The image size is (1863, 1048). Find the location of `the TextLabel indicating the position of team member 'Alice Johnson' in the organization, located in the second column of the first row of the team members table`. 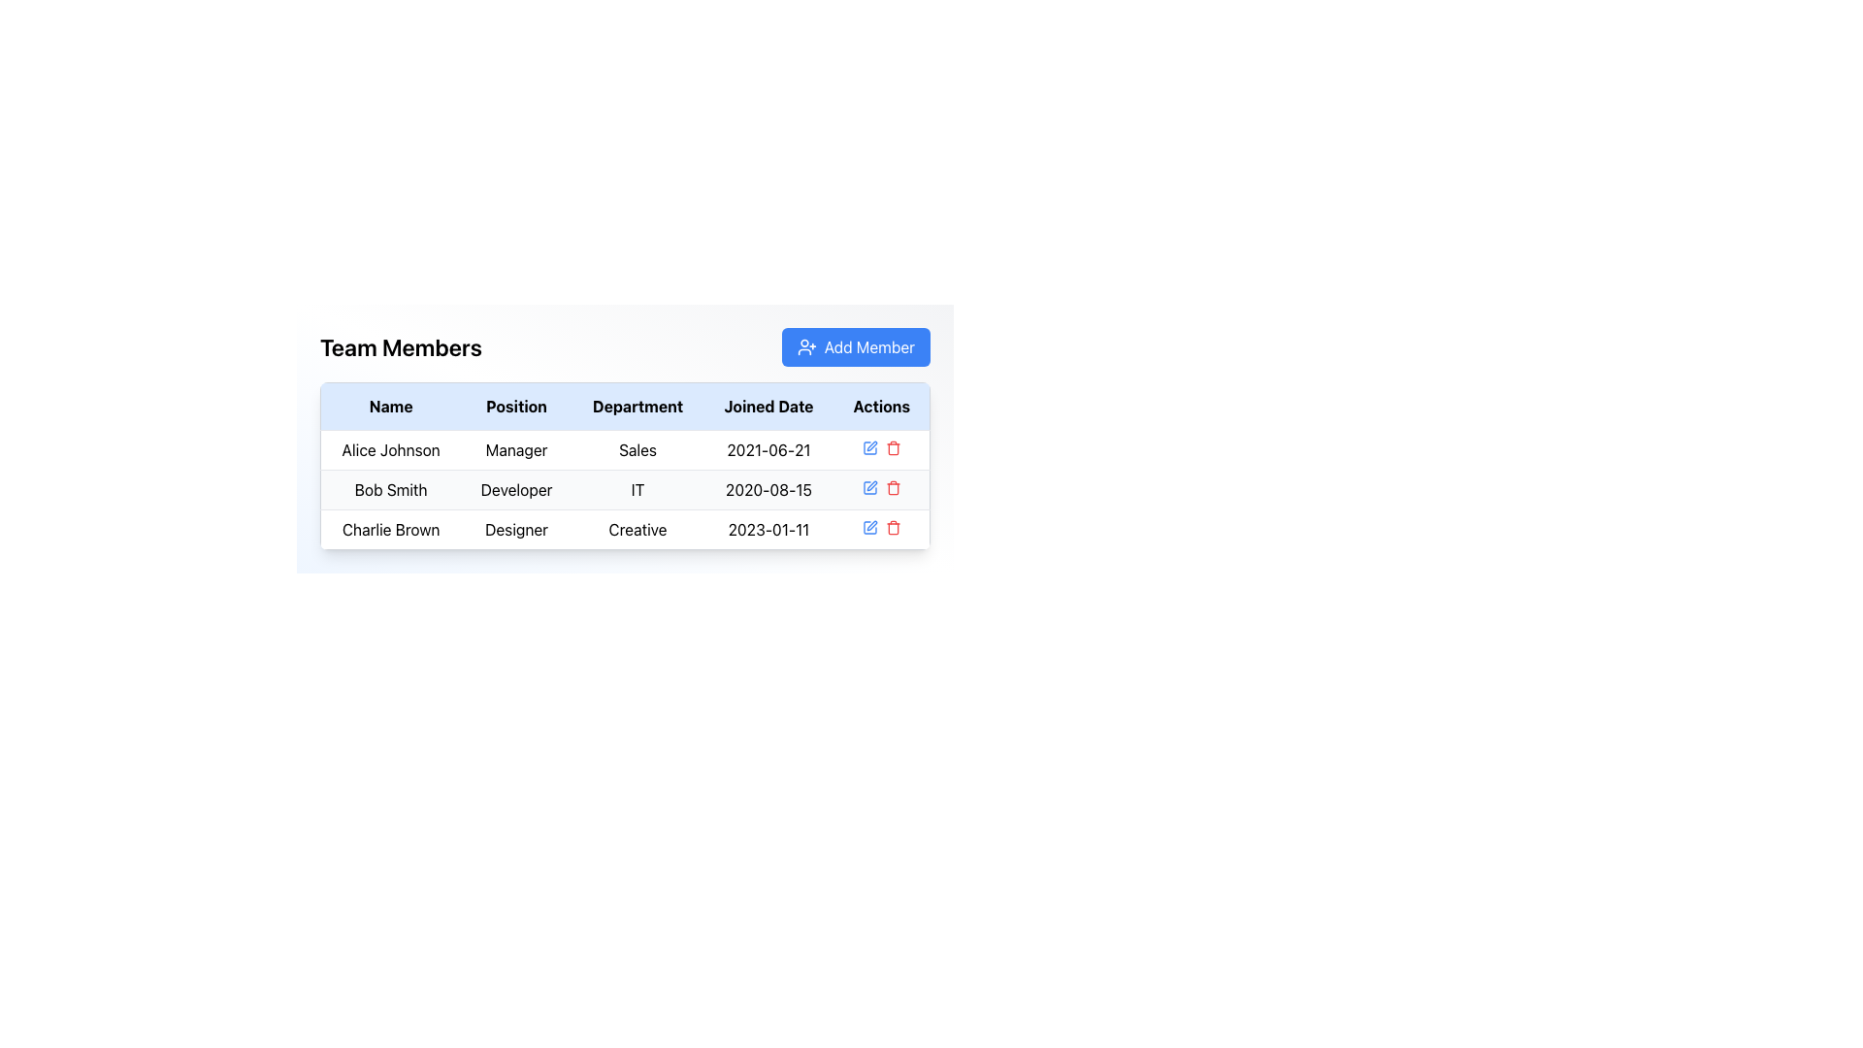

the TextLabel indicating the position of team member 'Alice Johnson' in the organization, located in the second column of the first row of the team members table is located at coordinates (516, 449).